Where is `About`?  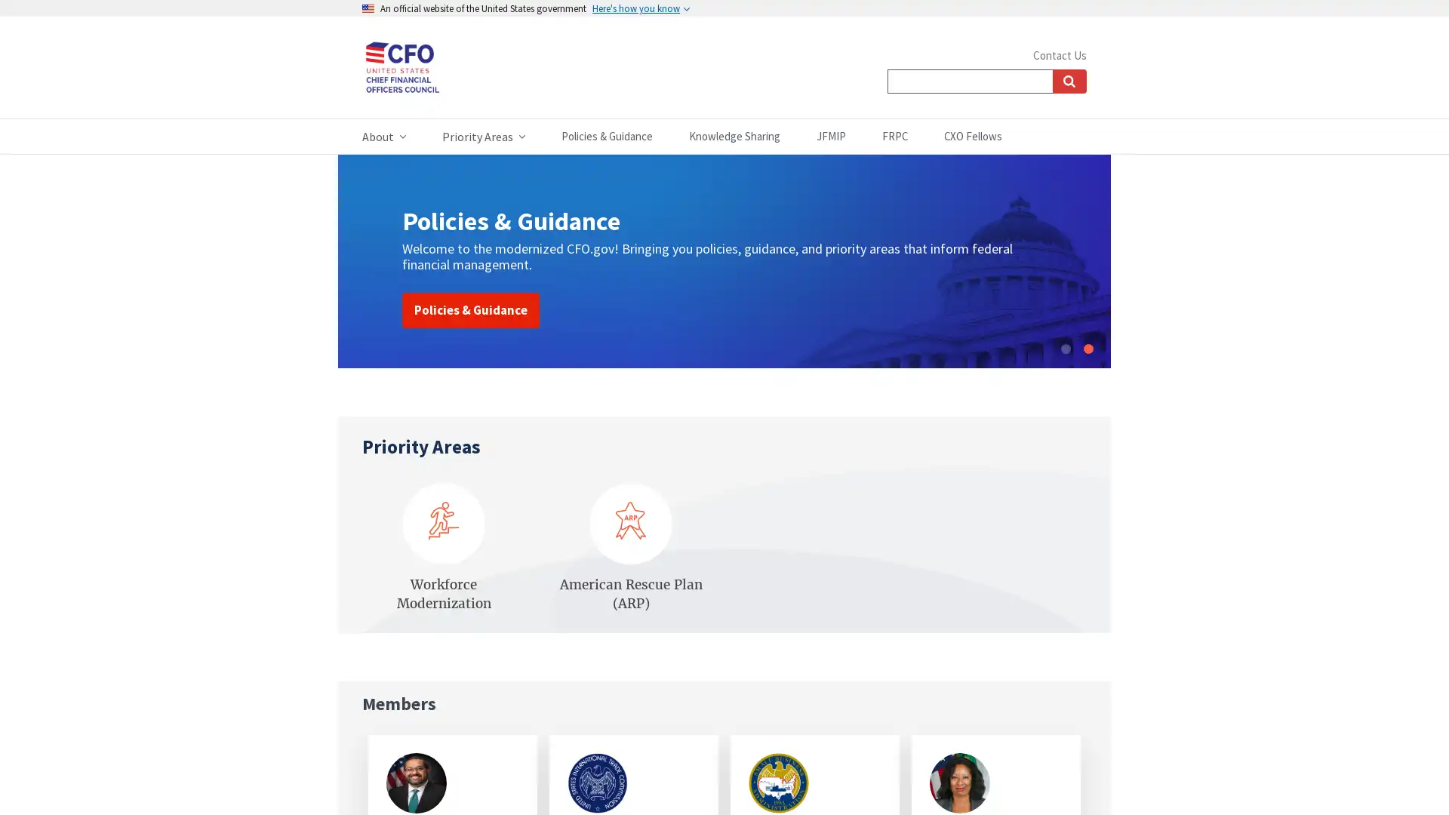 About is located at coordinates (383, 136).